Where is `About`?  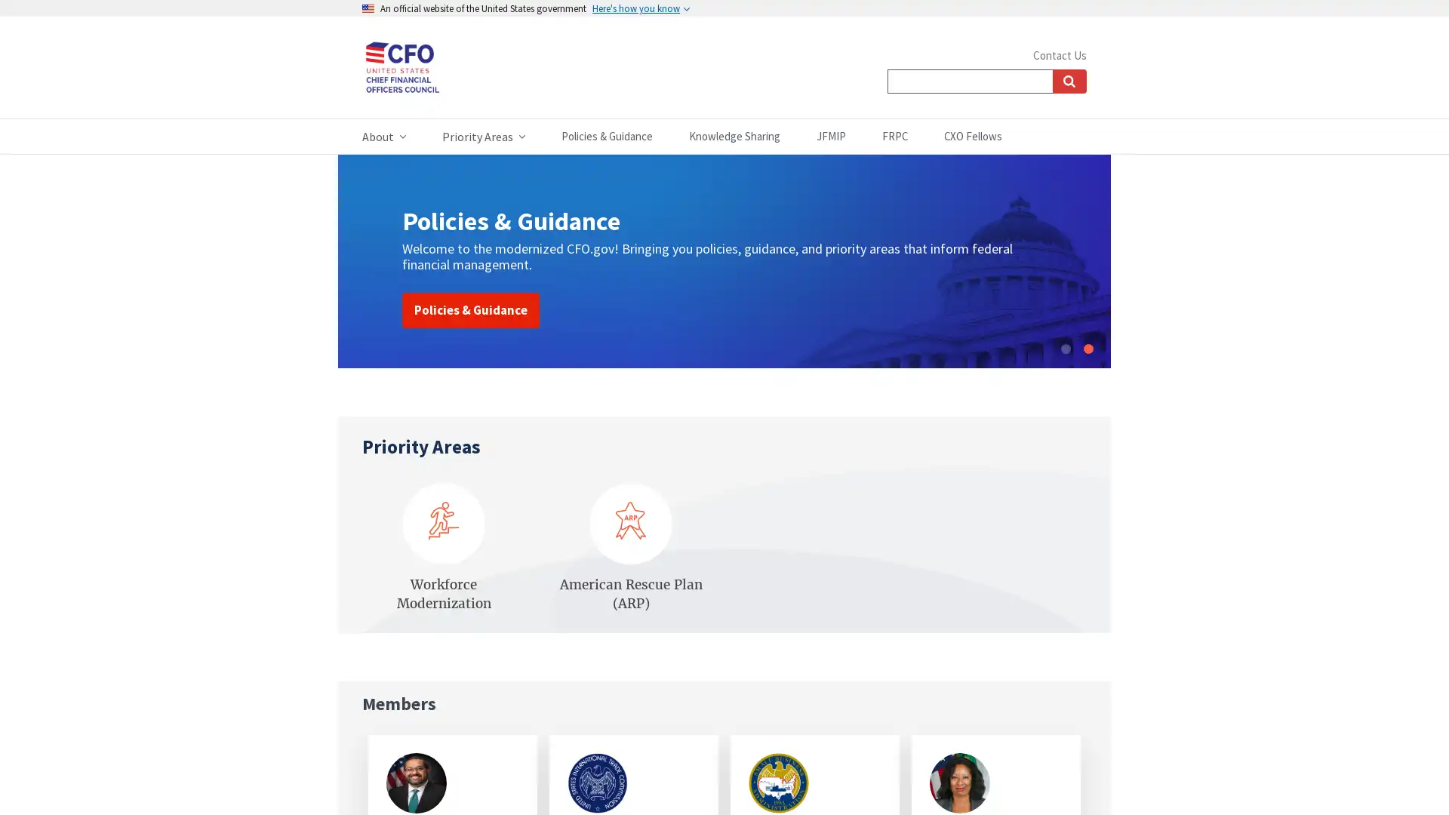 About is located at coordinates (383, 136).